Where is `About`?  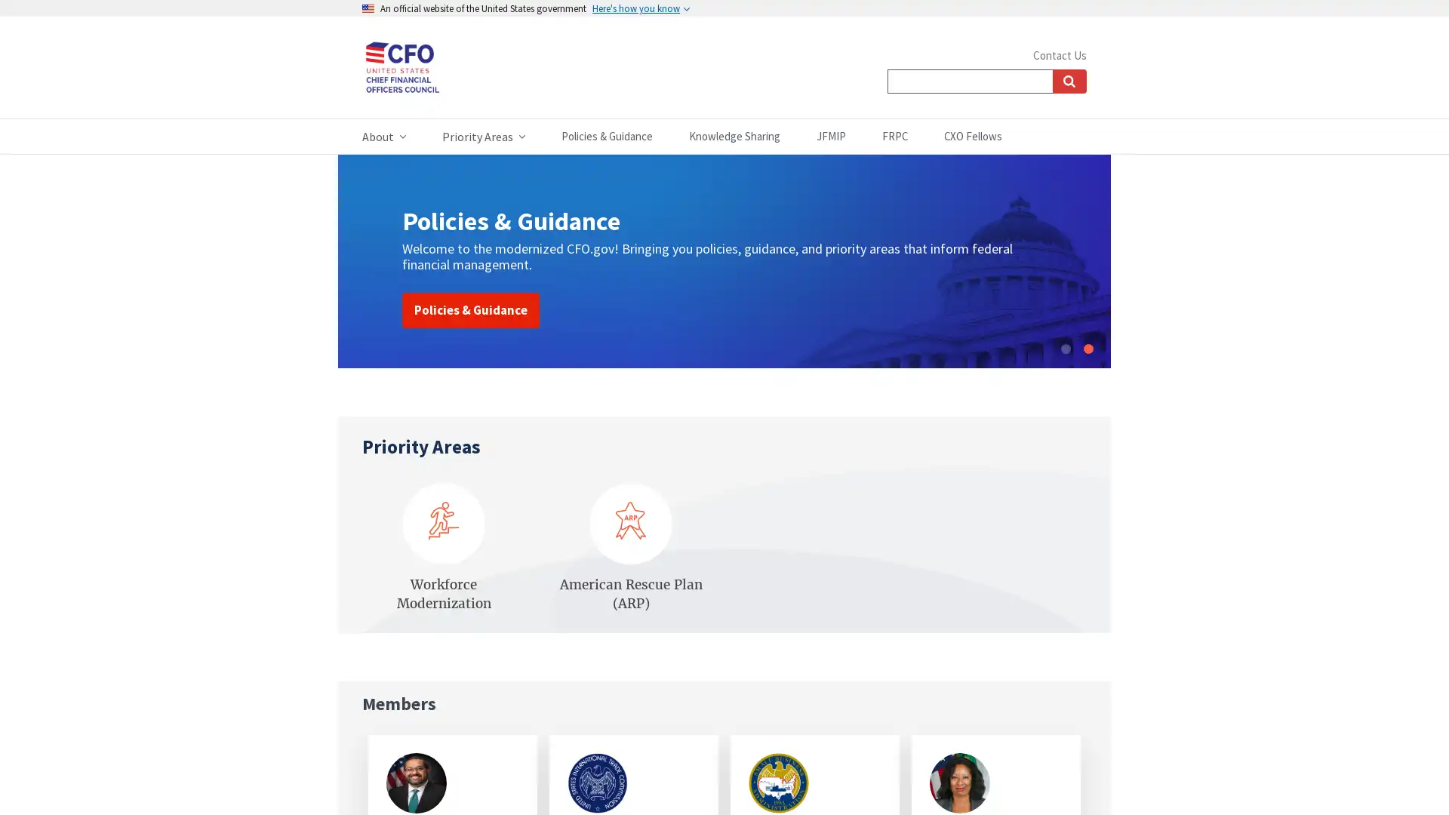 About is located at coordinates (383, 136).